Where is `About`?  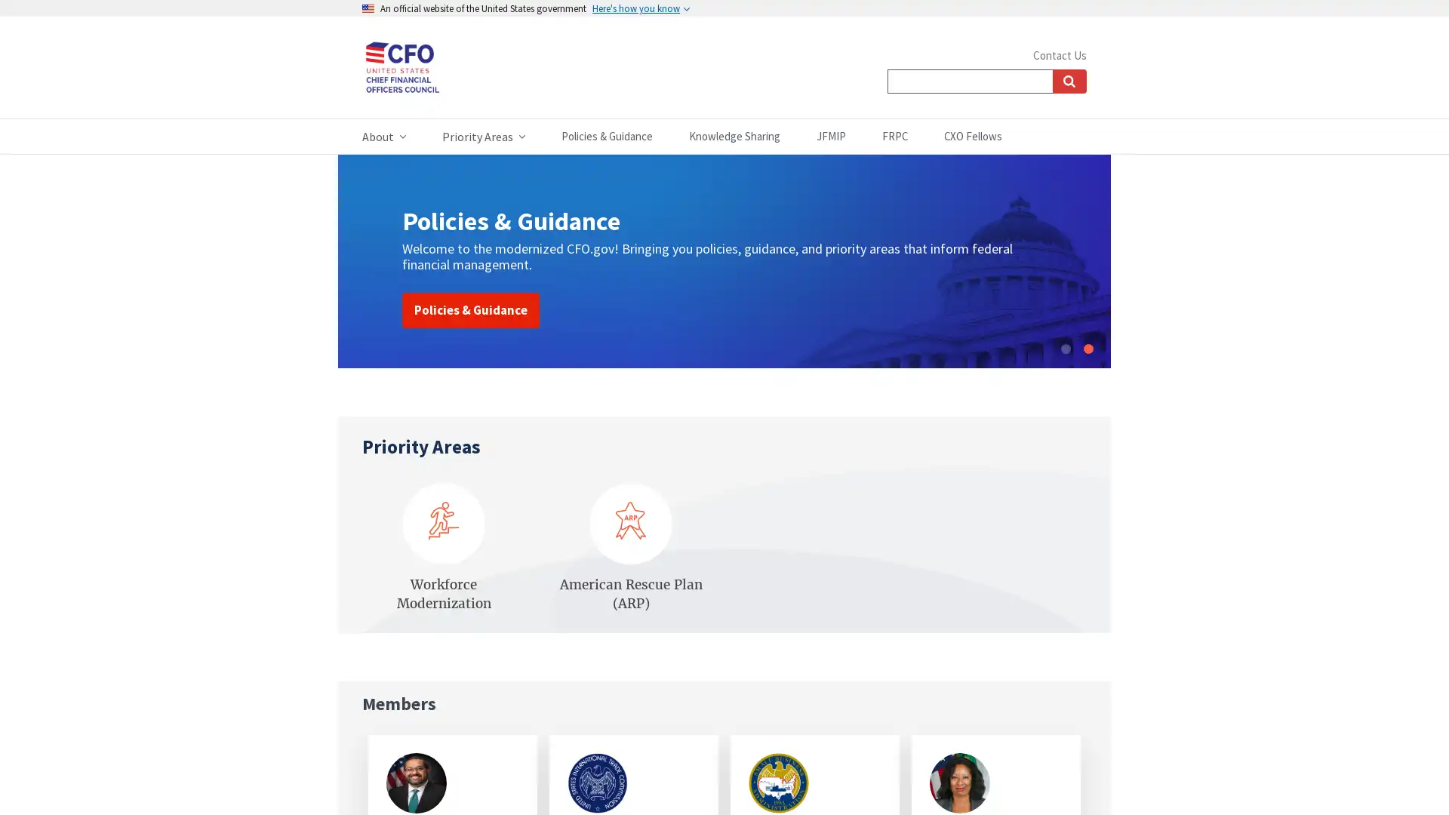 About is located at coordinates (383, 136).